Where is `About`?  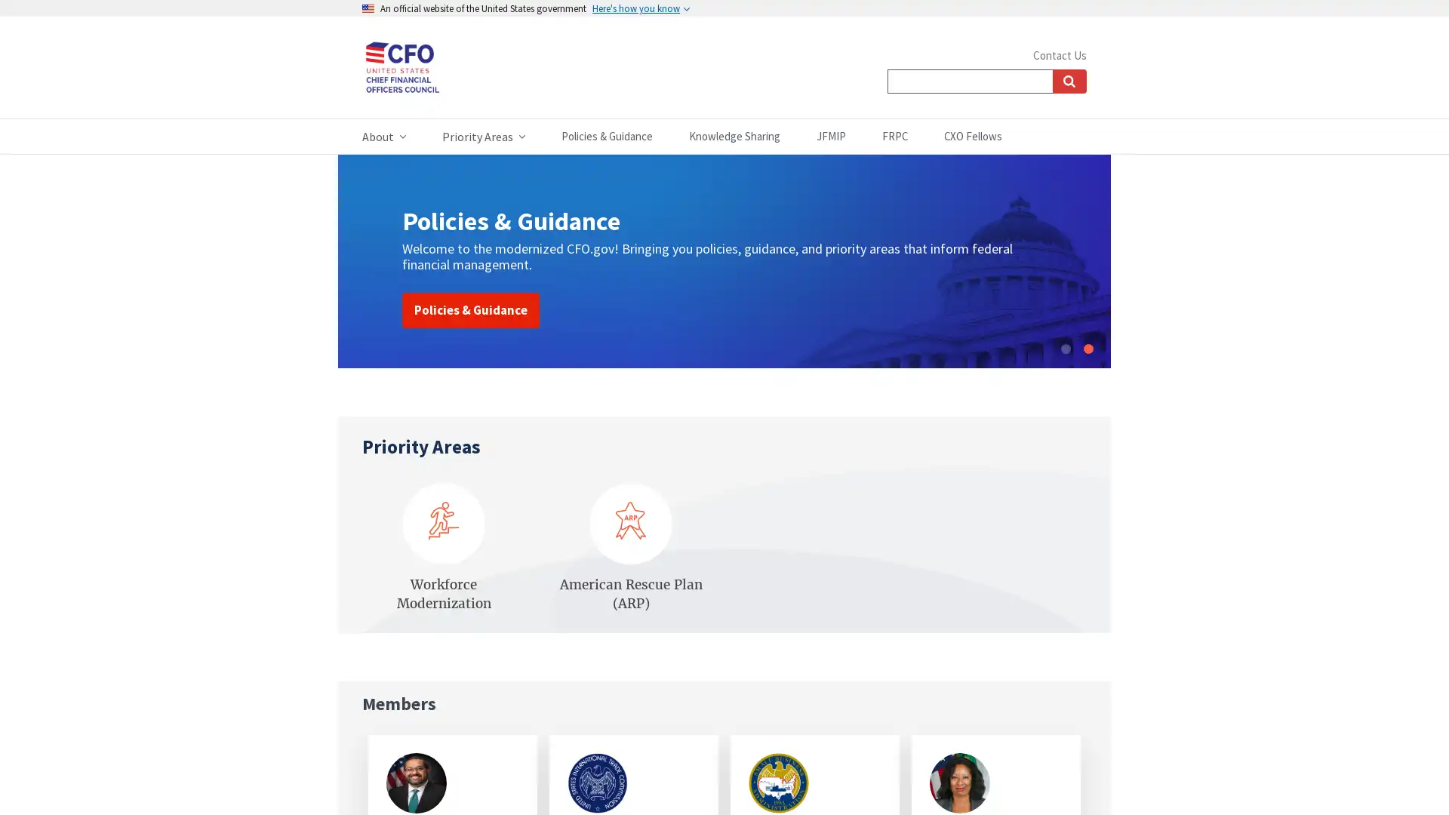 About is located at coordinates (383, 136).